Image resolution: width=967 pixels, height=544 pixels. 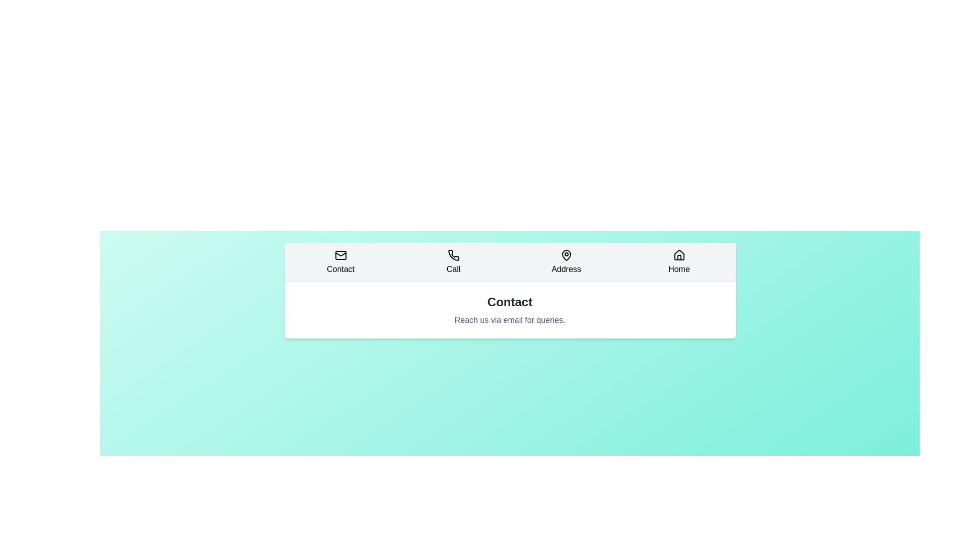 What do you see at coordinates (453, 261) in the screenshot?
I see `the tab labeled Call` at bounding box center [453, 261].